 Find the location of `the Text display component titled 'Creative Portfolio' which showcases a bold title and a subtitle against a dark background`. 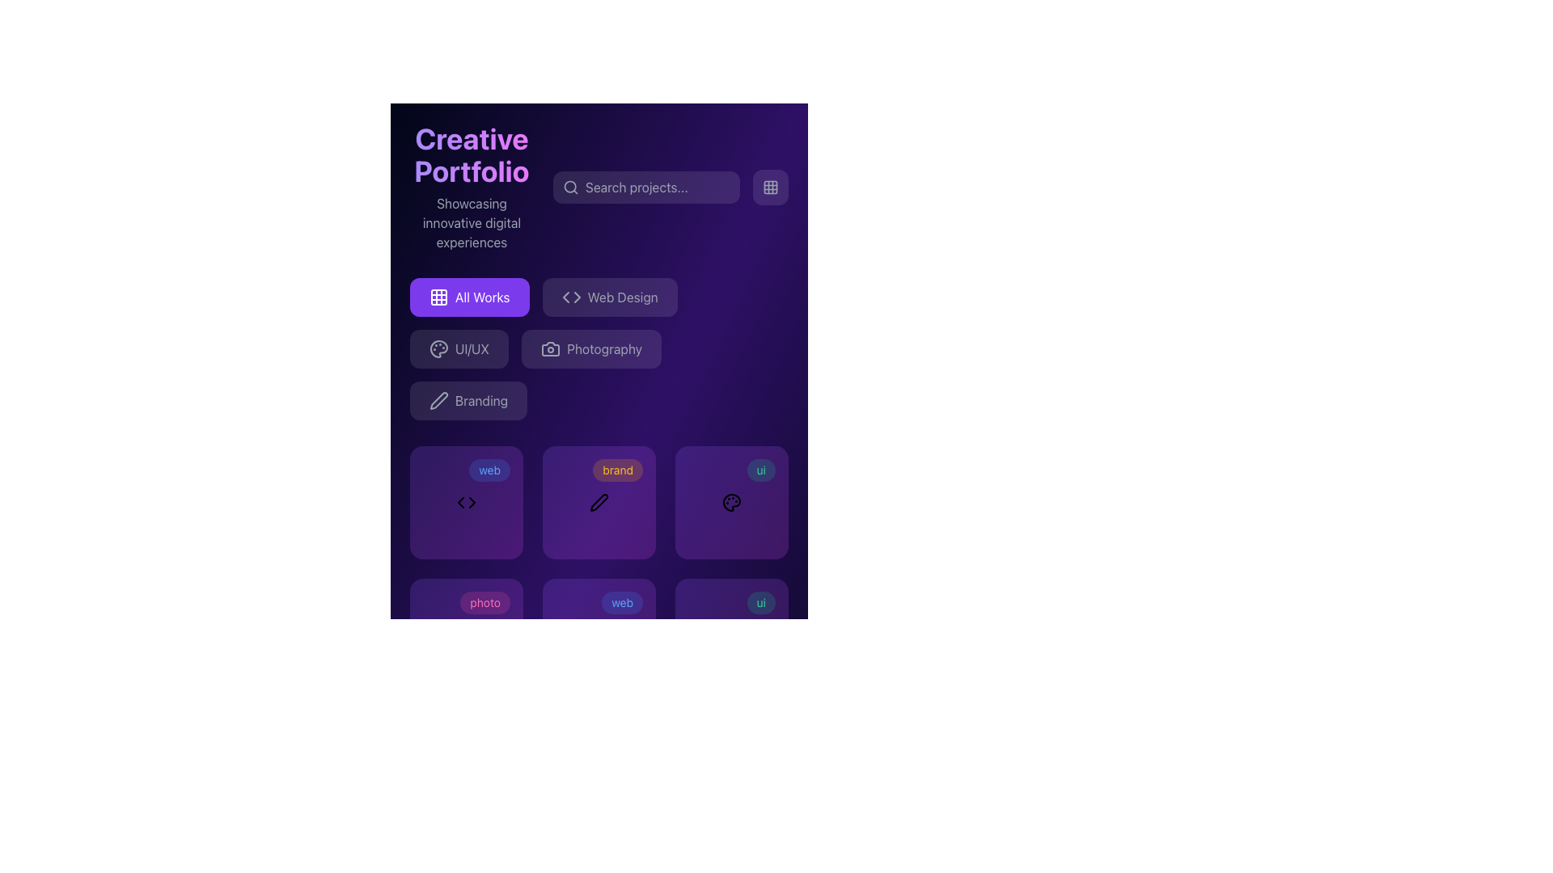

the Text display component titled 'Creative Portfolio' which showcases a bold title and a subtitle against a dark background is located at coordinates (471, 186).